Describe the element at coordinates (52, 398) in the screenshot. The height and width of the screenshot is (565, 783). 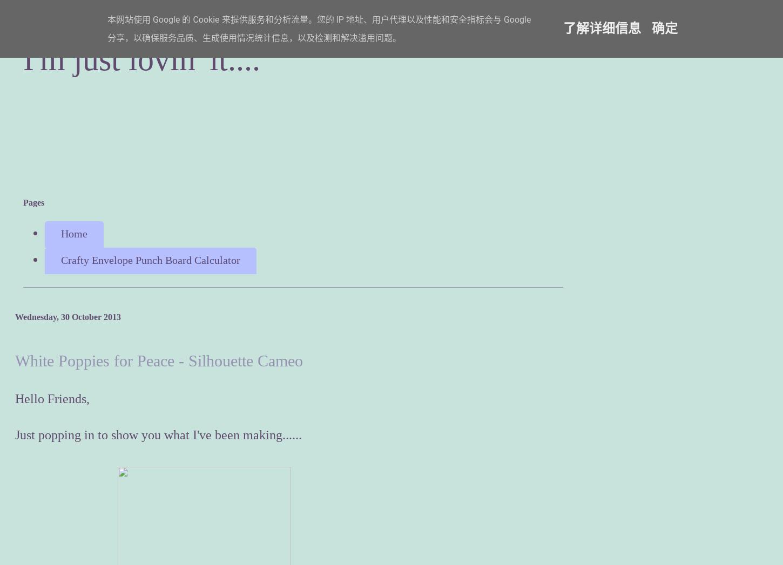
I see `'Hello Friends,'` at that location.